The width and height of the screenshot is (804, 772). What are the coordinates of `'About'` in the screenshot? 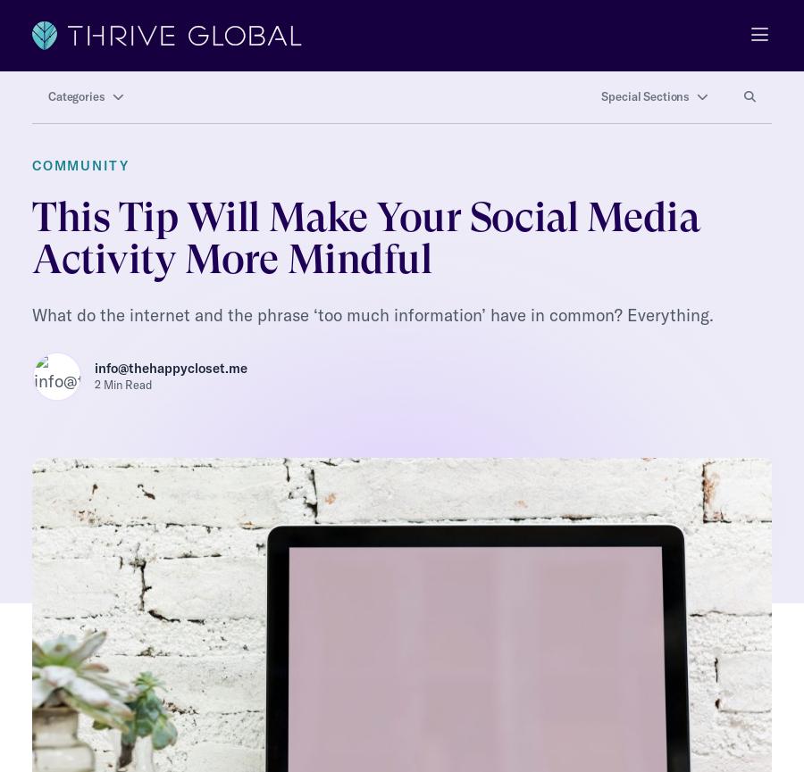 It's located at (31, 755).